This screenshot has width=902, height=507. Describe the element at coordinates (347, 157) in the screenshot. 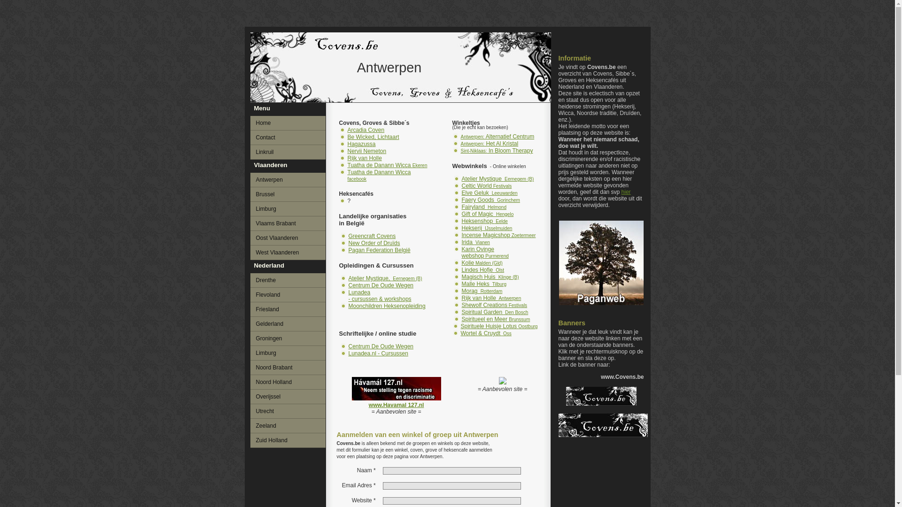

I see `'Rijk van Holle'` at that location.